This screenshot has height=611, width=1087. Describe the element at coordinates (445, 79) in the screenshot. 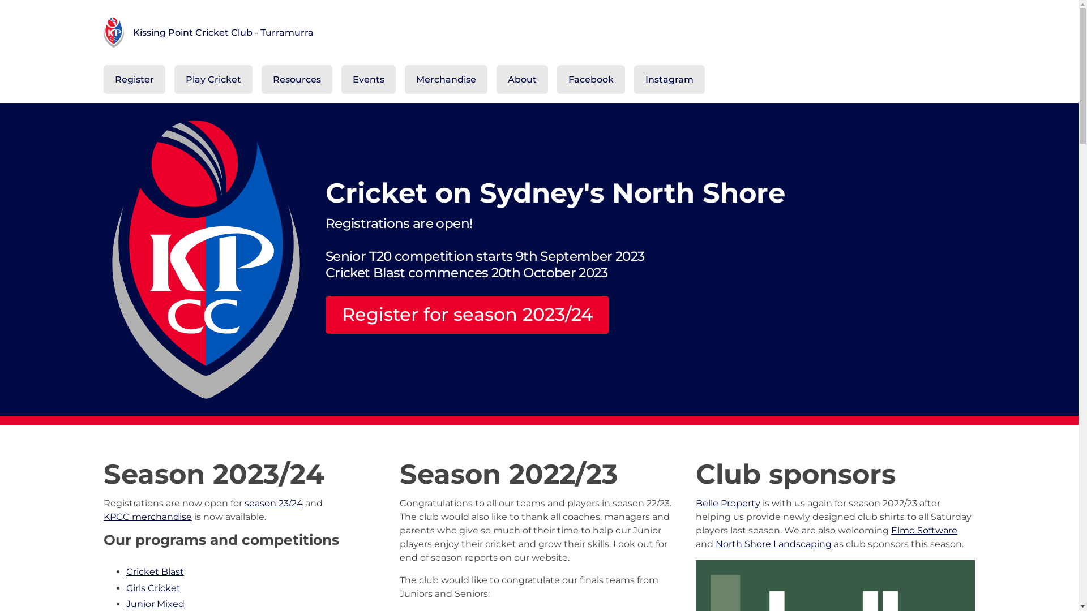

I see `'Merchandise'` at that location.